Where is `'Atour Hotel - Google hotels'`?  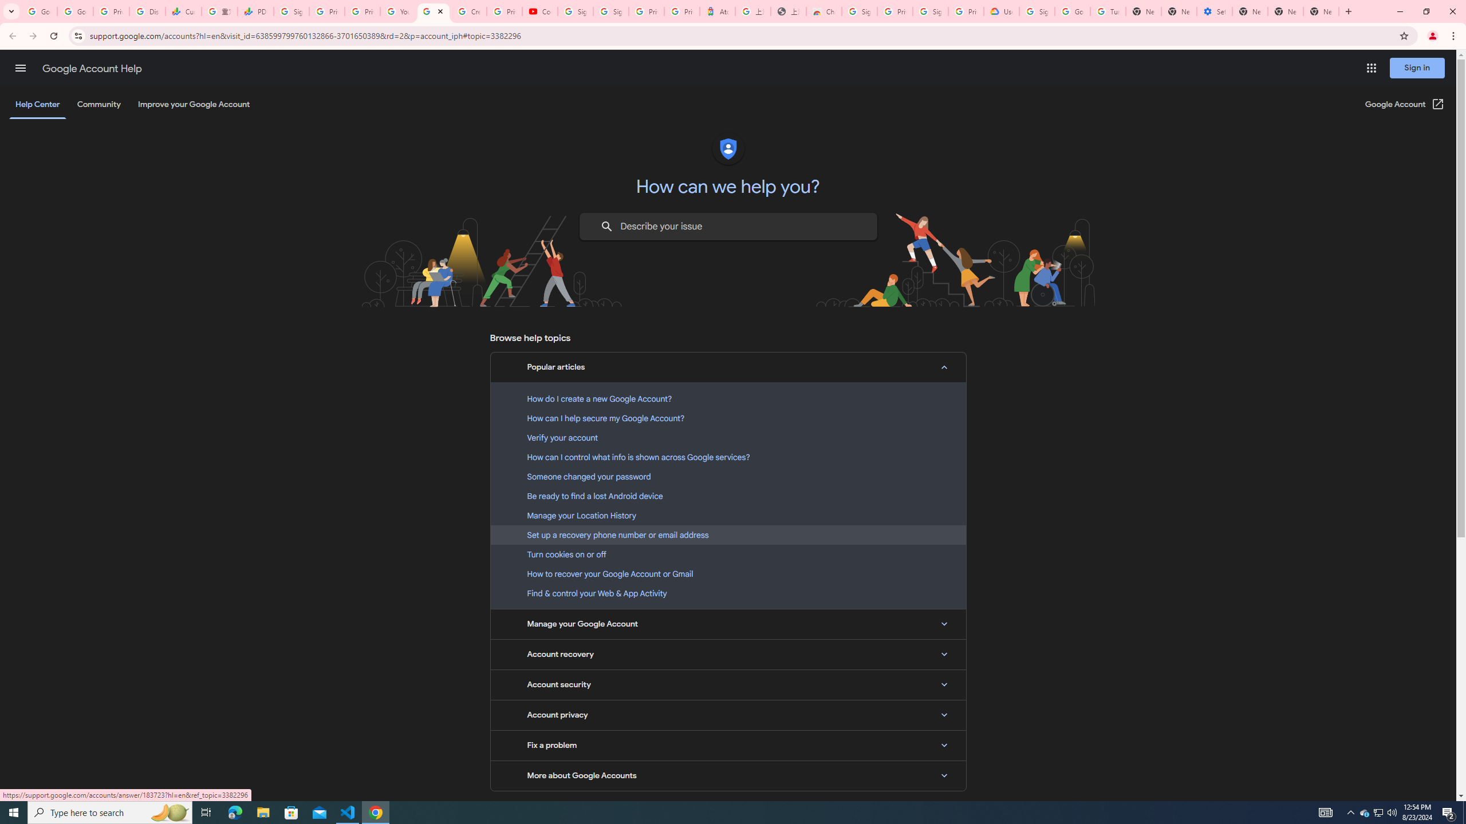
'Atour Hotel - Google hotels' is located at coordinates (717, 11).